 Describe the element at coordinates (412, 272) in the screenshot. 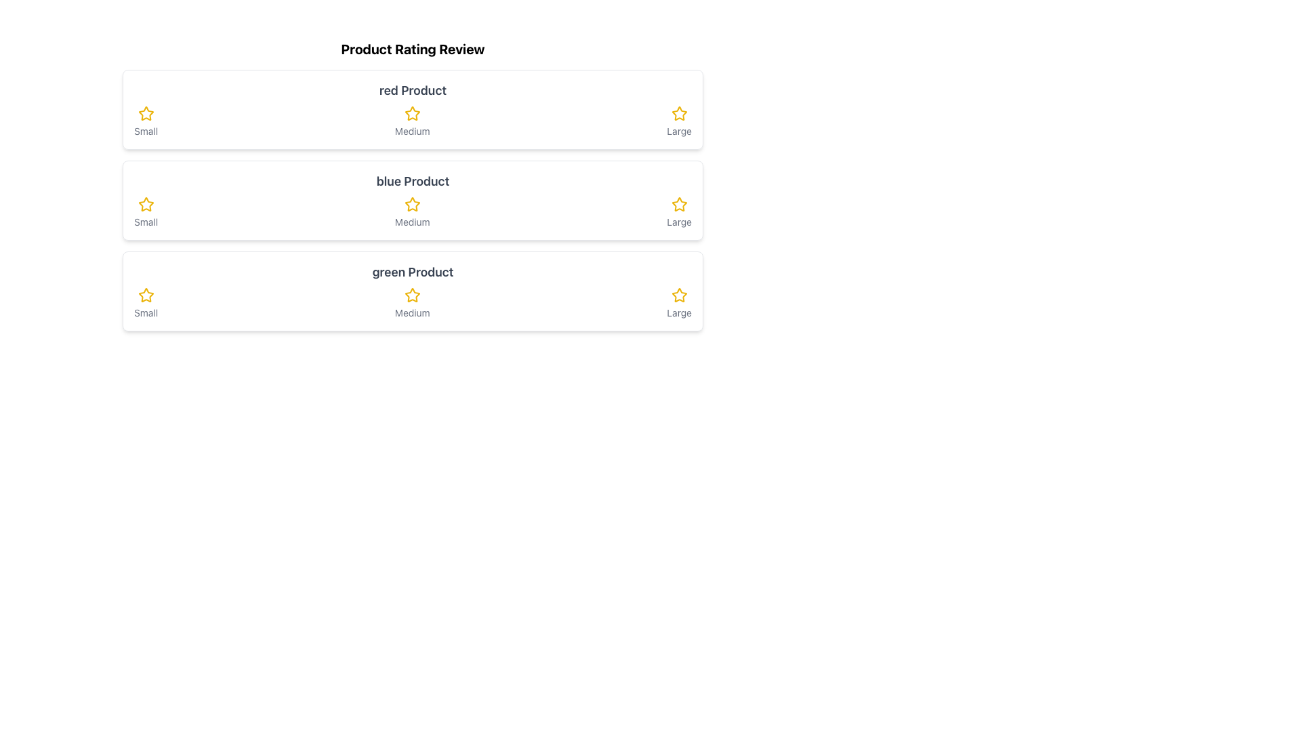

I see `the text label displaying 'green Product' in bold, medium-large gray font, located in the third card from the top` at that location.